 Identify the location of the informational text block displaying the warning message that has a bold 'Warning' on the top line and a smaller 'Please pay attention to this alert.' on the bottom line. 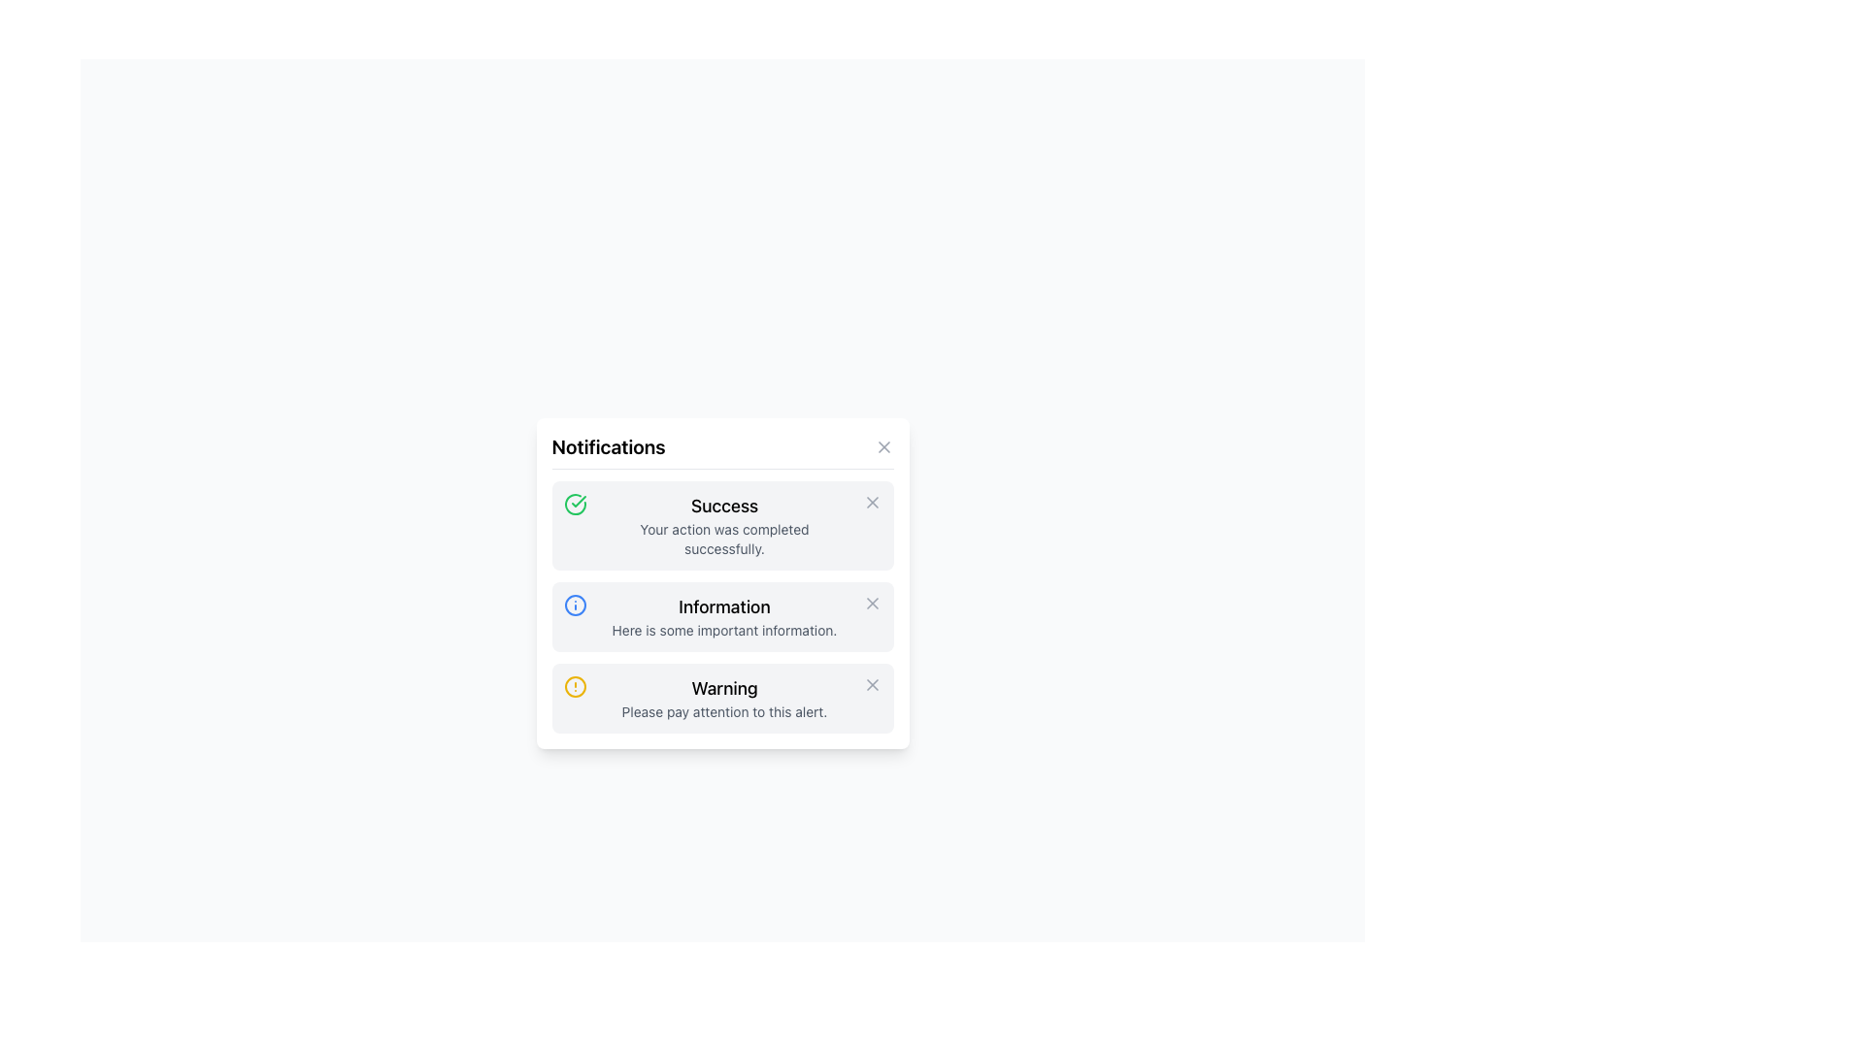
(723, 697).